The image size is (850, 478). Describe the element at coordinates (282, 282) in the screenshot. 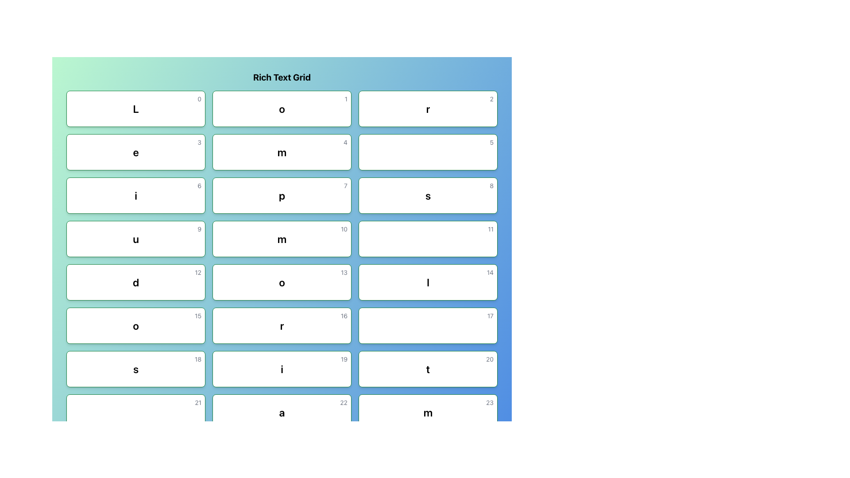

I see `the Grid Tile located in the fourth row and second column of the grid layout, positioned between the tiles 'd' and 'l'` at that location.